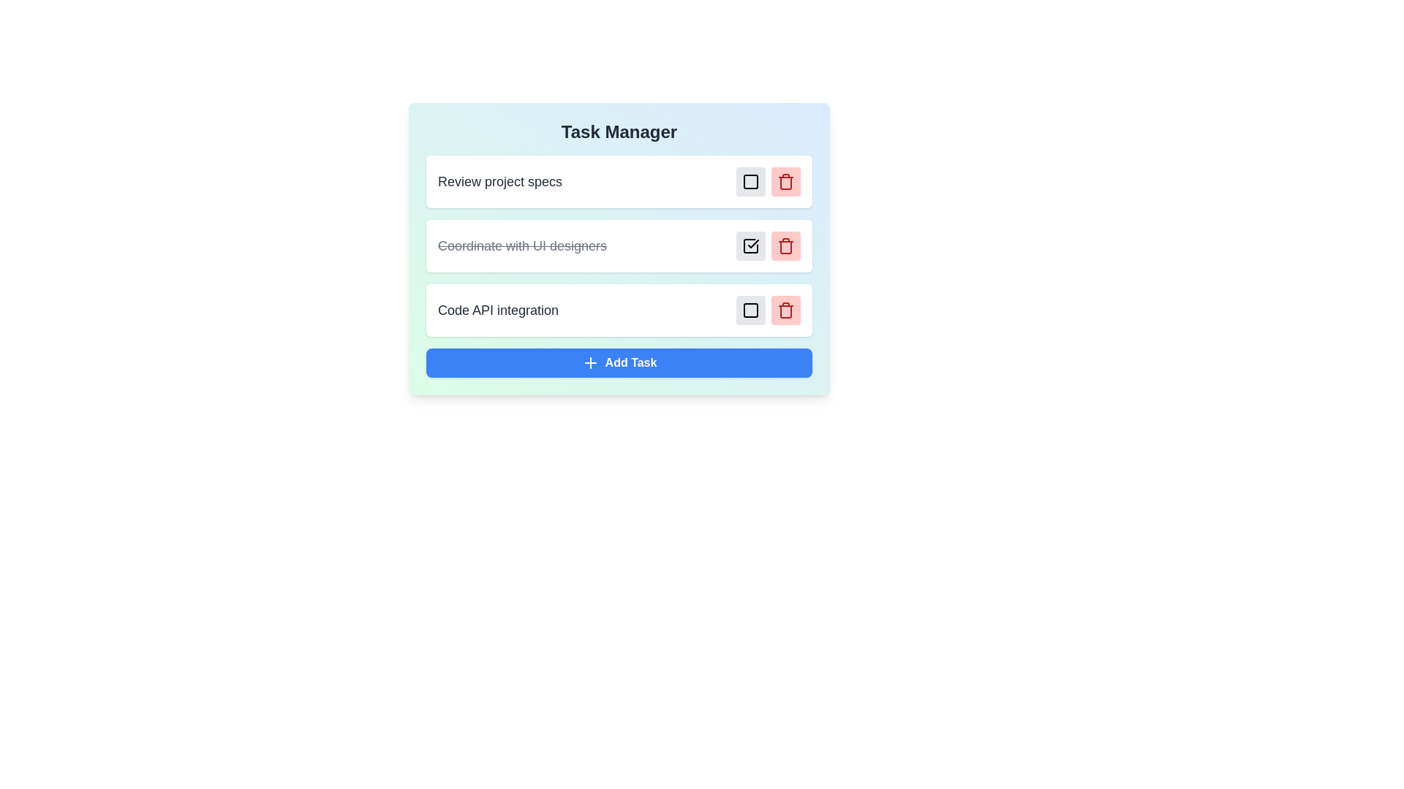 This screenshot has width=1404, height=789. I want to click on delete button for the task identified by Review project specs, so click(785, 181).